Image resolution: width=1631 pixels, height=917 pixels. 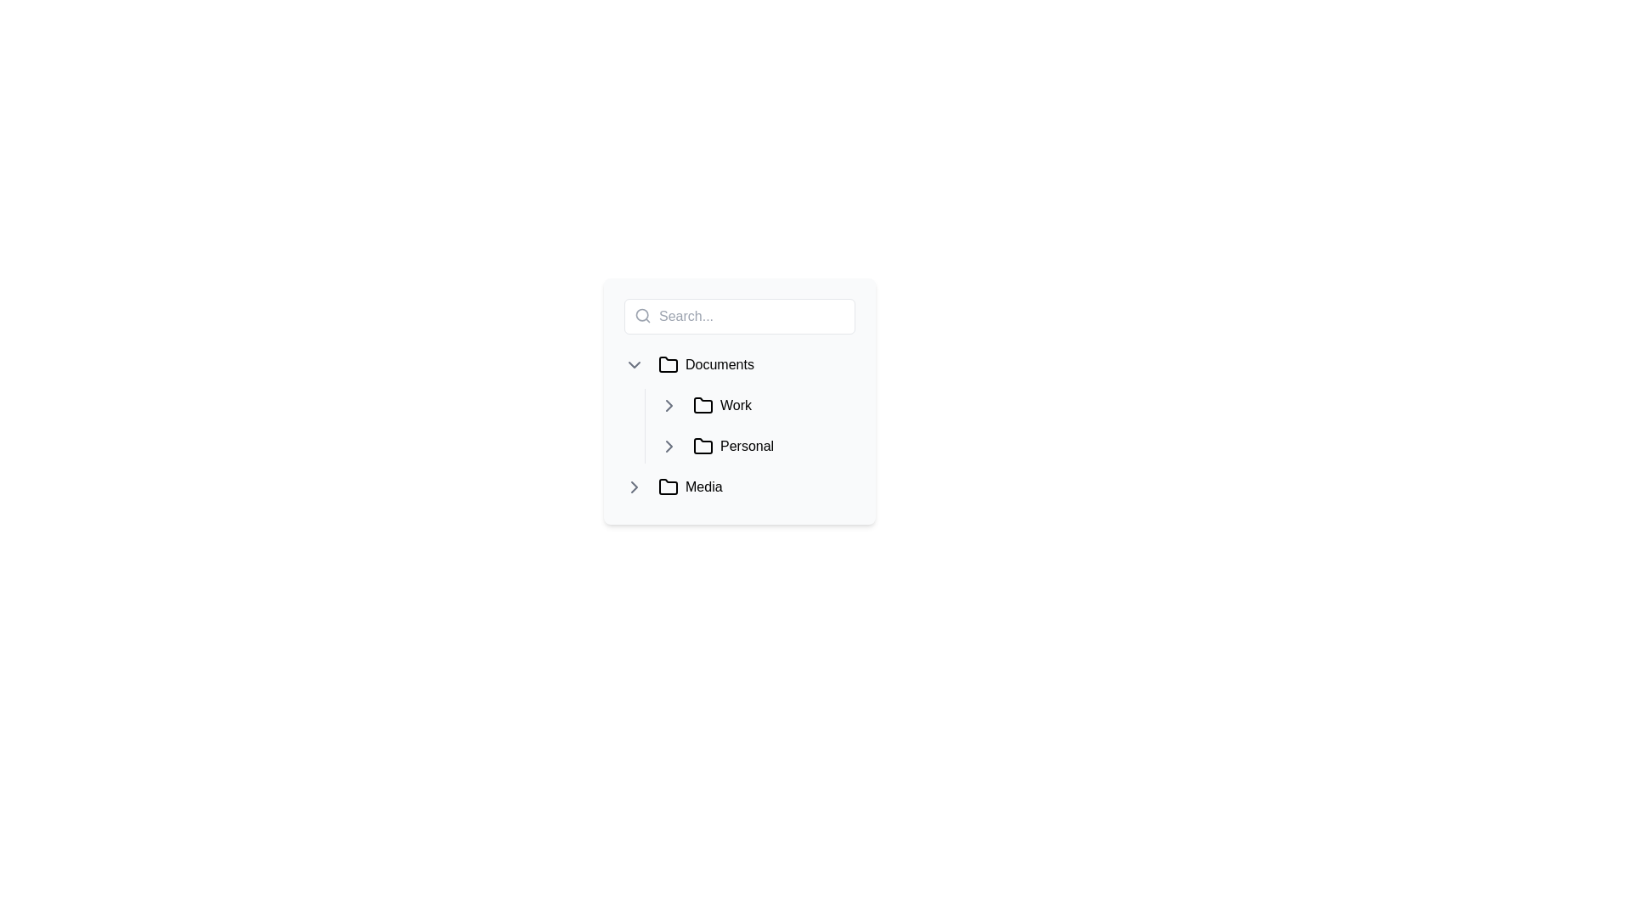 I want to click on an item in the grouped list or tree view, so click(x=739, y=402).